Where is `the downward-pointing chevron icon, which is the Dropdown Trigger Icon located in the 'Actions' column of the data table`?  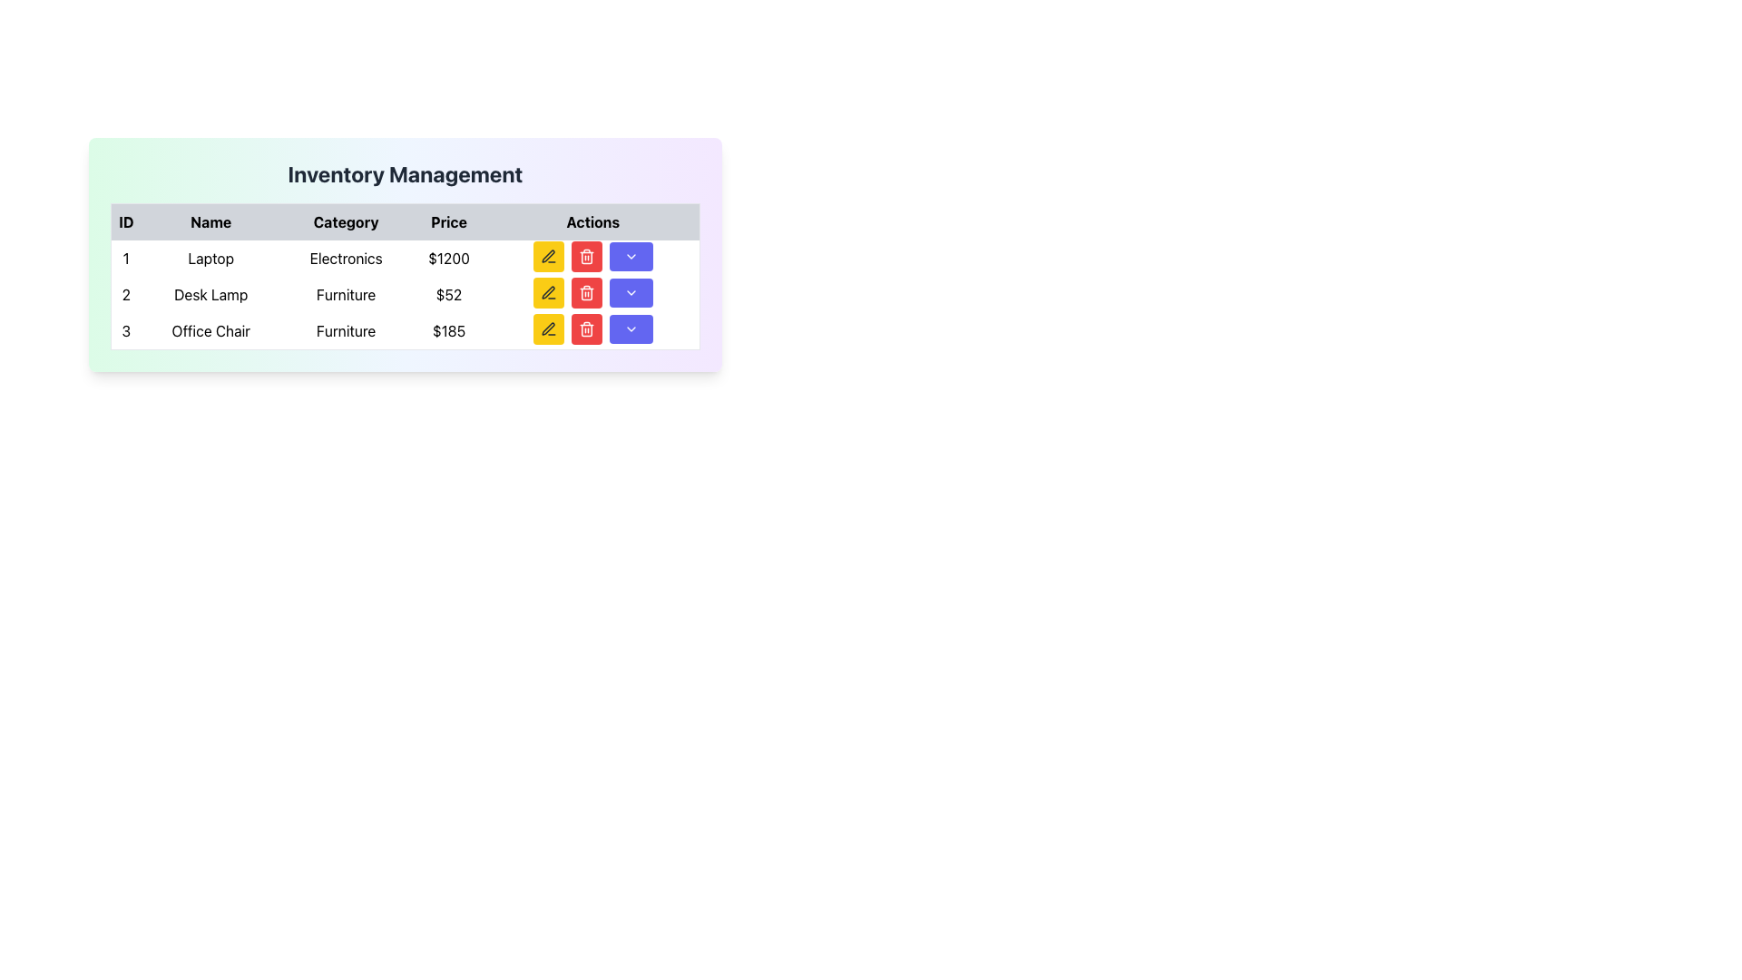
the downward-pointing chevron icon, which is the Dropdown Trigger Icon located in the 'Actions' column of the data table is located at coordinates (631, 256).